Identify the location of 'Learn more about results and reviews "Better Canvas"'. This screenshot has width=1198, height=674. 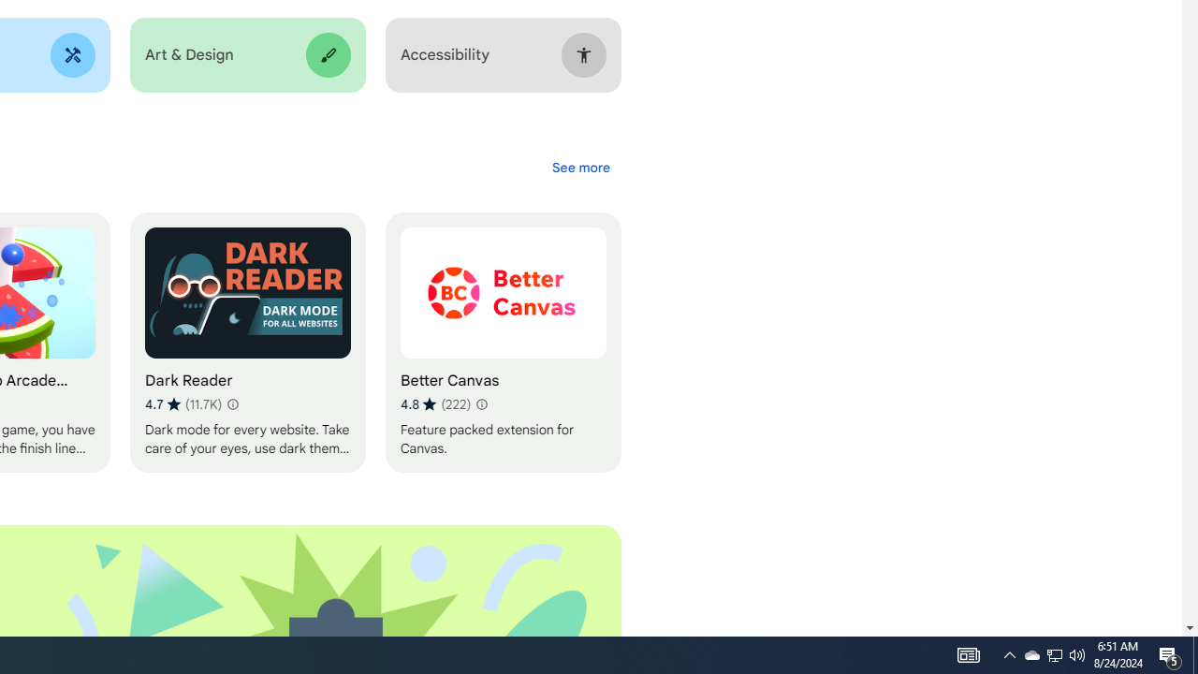
(480, 403).